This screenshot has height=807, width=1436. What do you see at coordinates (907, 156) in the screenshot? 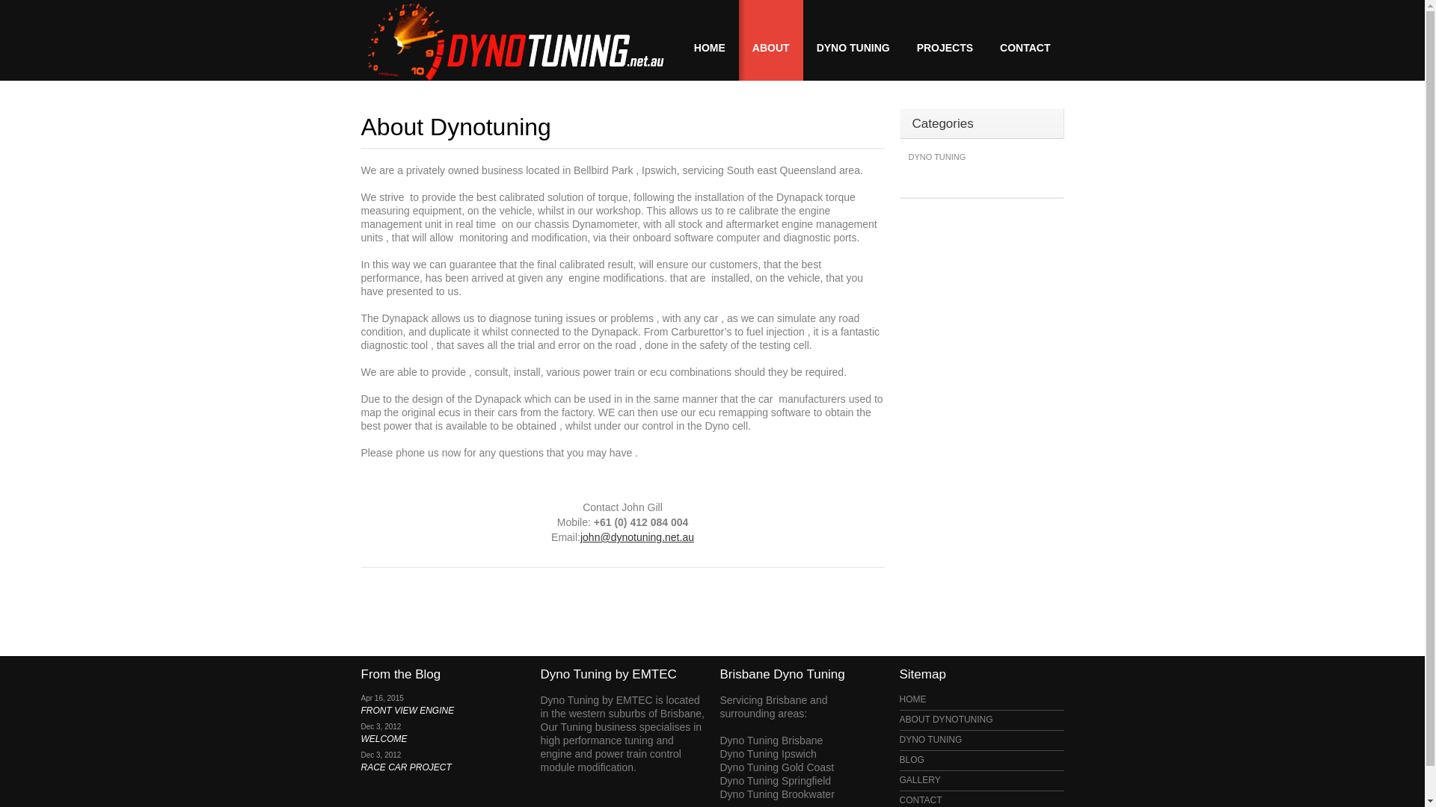
I see `'DYNO TUNING'` at bounding box center [907, 156].